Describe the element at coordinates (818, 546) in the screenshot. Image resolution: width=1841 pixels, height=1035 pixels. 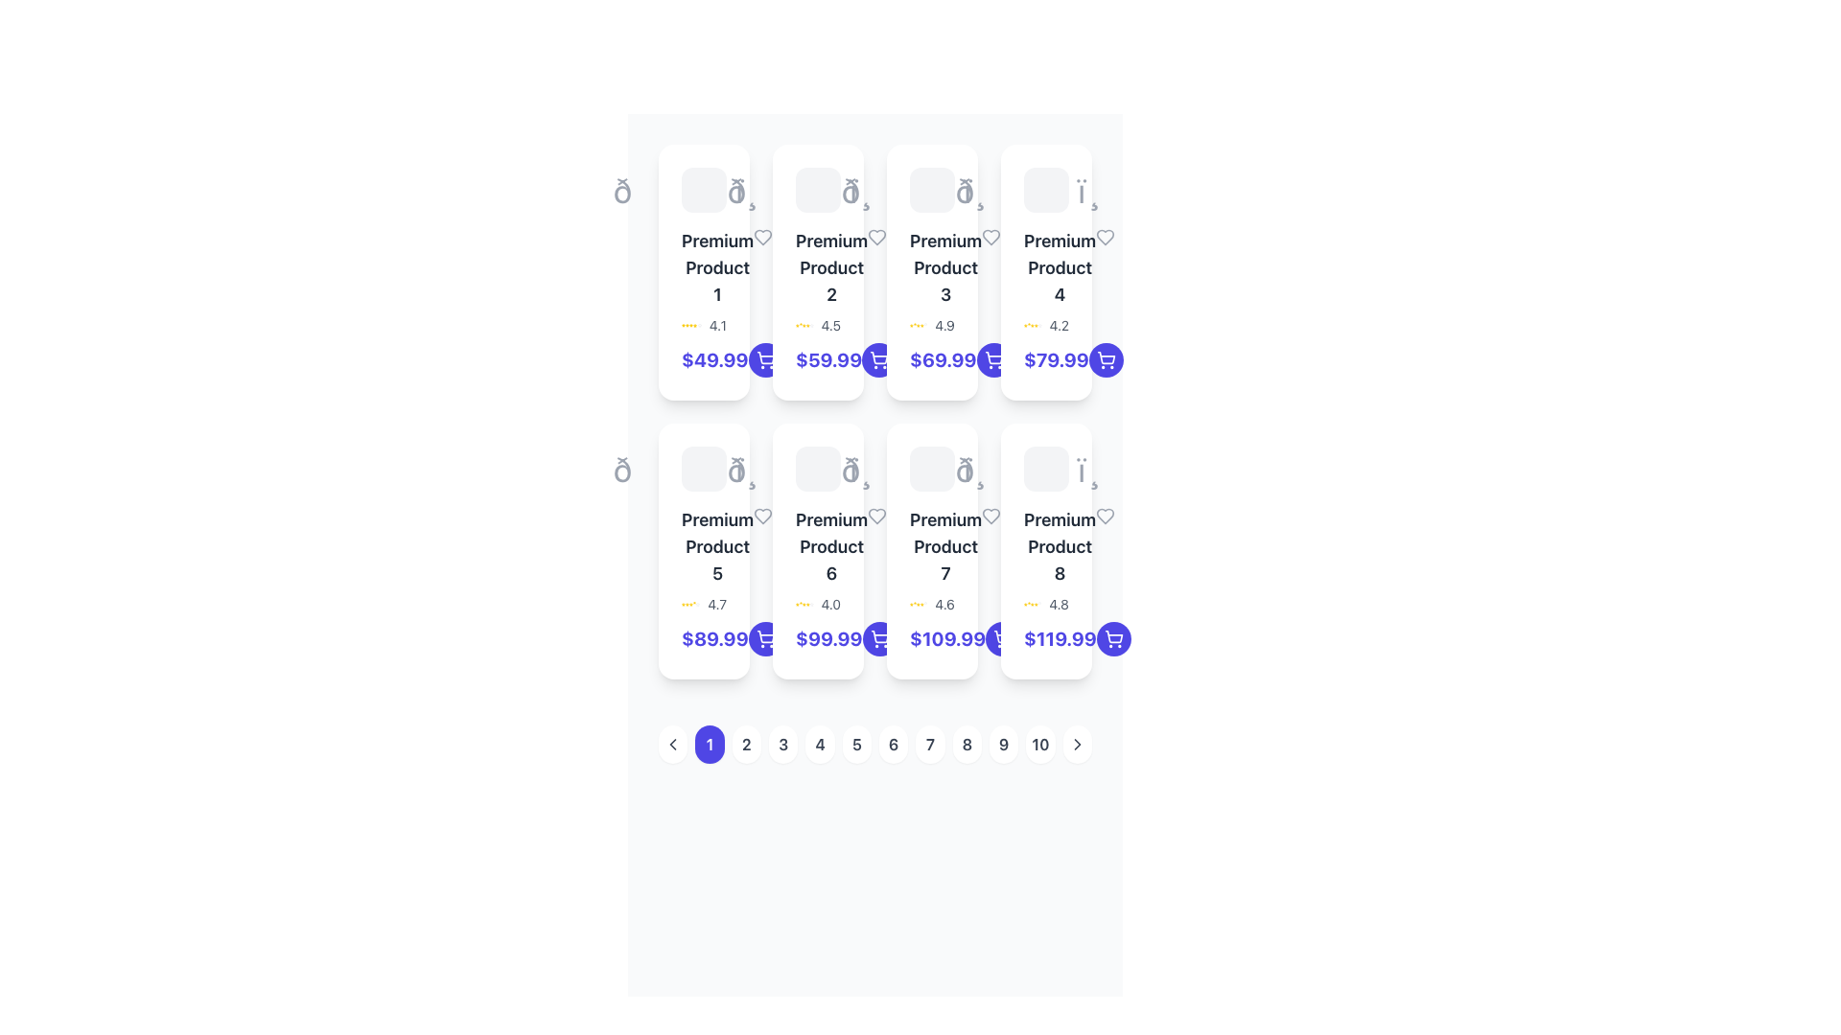
I see `text content of the product title label located in the second row and third column of the product card grid, positioned below the placeholder graphic and above the rating and pricing sections` at that location.